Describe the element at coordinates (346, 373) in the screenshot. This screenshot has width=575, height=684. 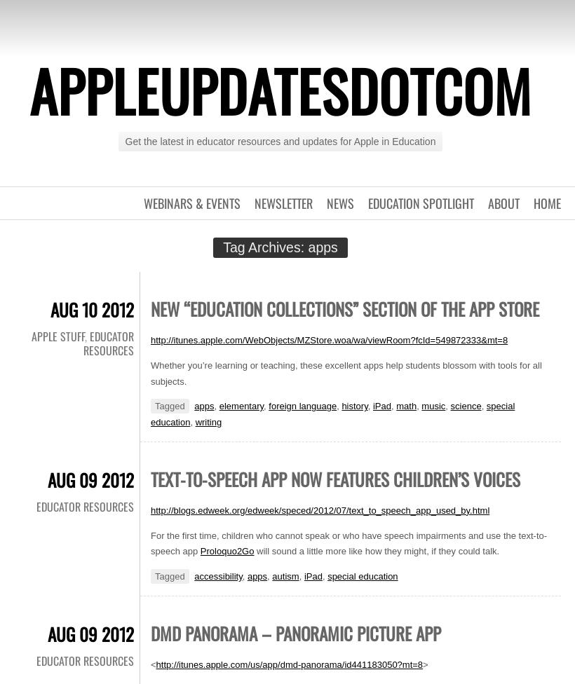
I see `'Whether you’re learning or teaching, these excellent apps help students blossom with tools for all subjects.'` at that location.